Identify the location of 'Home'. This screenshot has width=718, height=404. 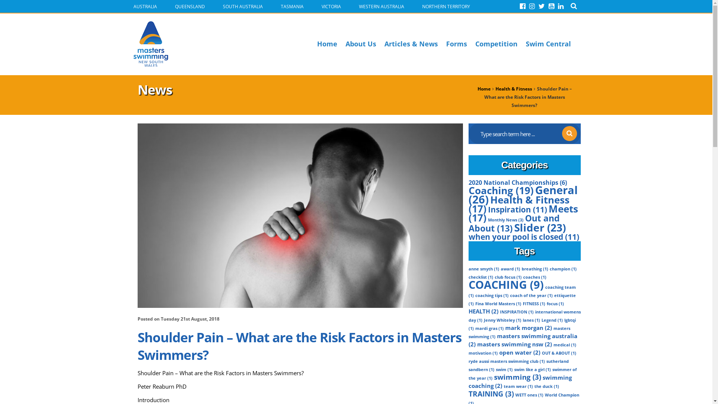
(484, 88).